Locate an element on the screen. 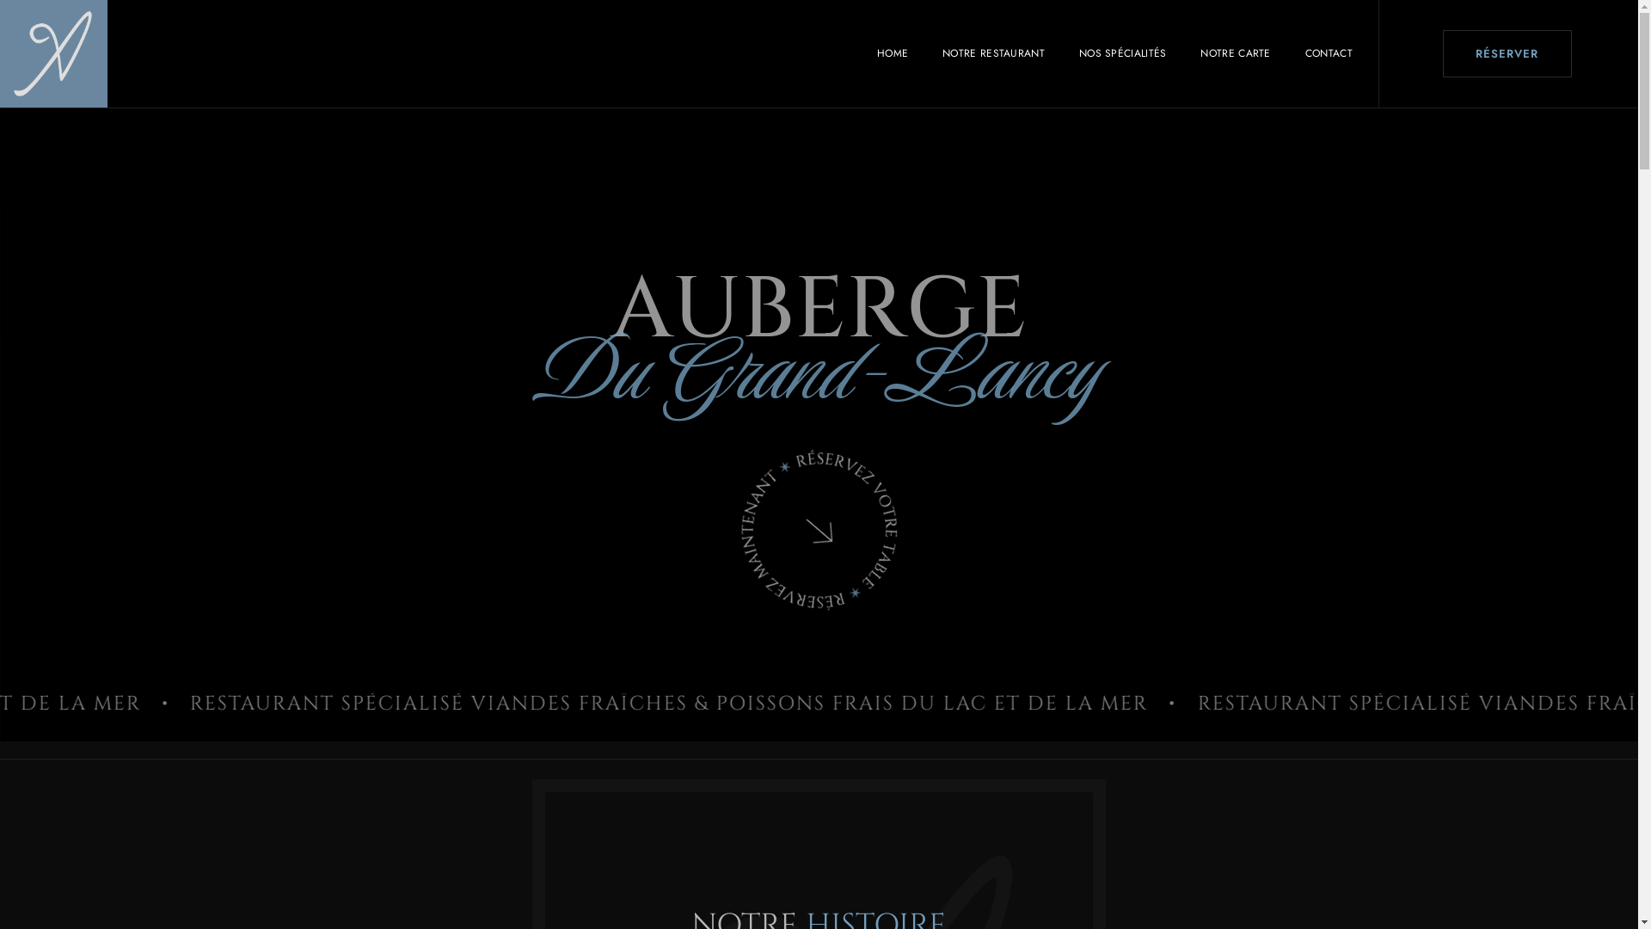 The height and width of the screenshot is (929, 1651). 'NOTRE CARTE' is located at coordinates (1182, 52).